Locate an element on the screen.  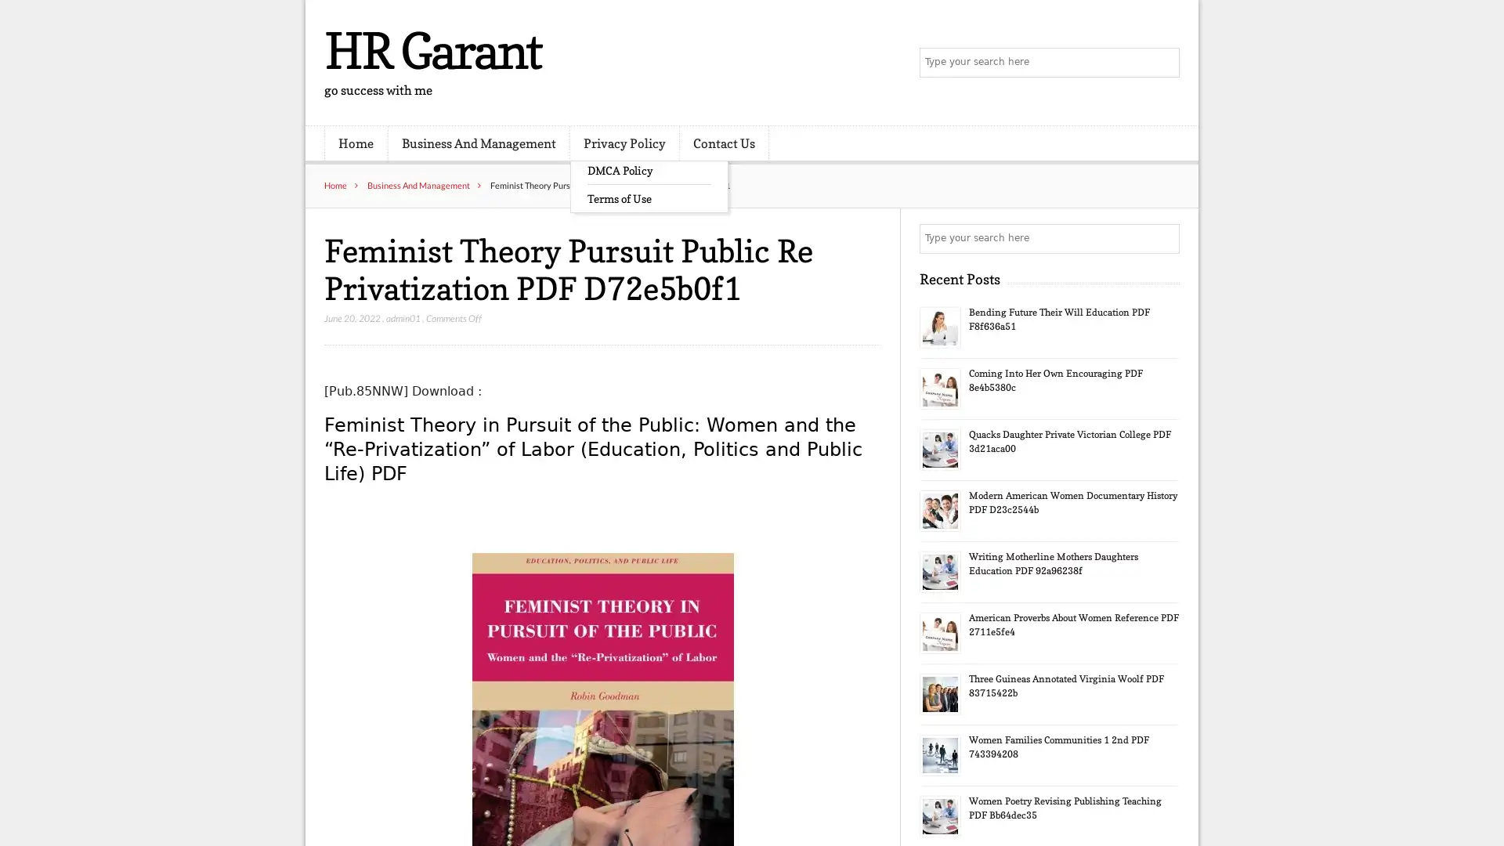
Search is located at coordinates (1163, 238).